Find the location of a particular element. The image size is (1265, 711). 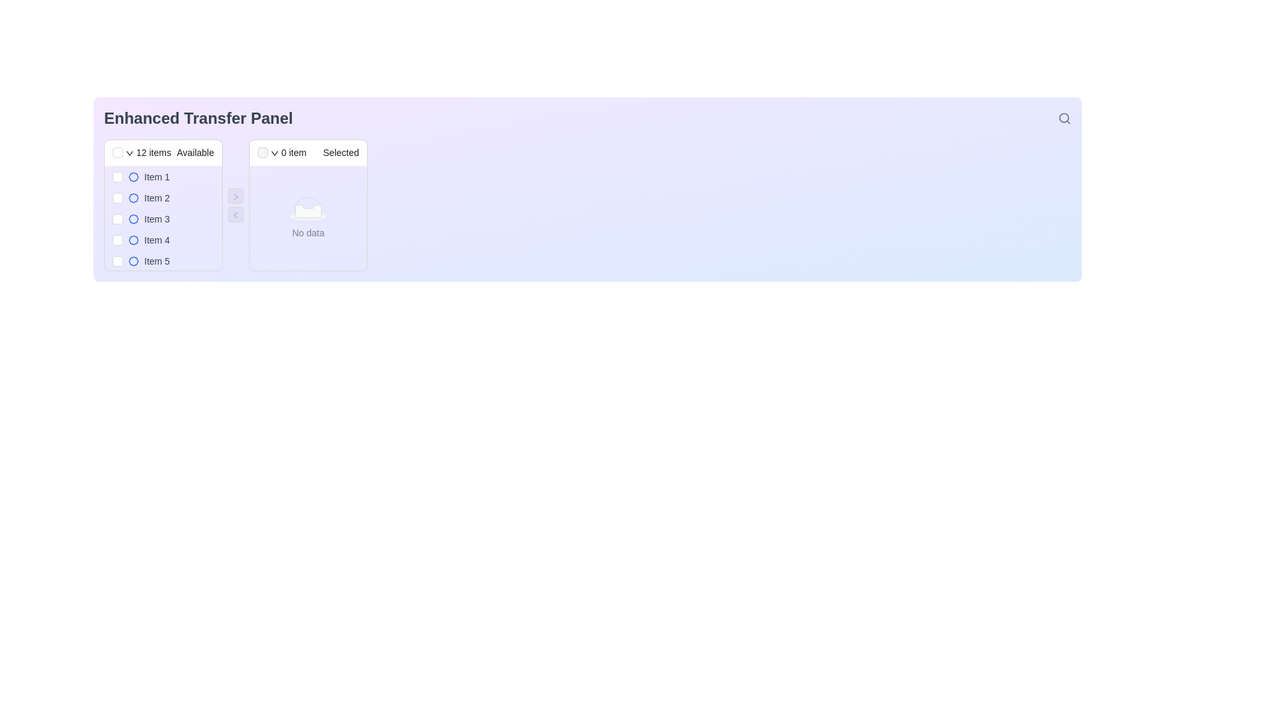

the transfer button located vertically between the left and right list panels in the center of the enhanced transfer panel layout to transfer selected items is located at coordinates (236, 196).